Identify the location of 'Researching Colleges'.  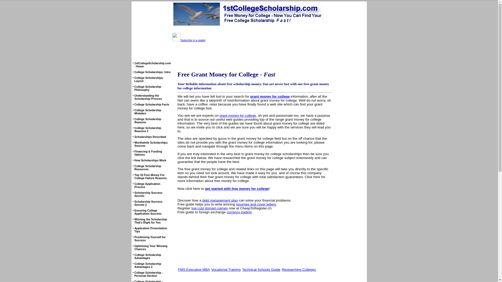
(282, 269).